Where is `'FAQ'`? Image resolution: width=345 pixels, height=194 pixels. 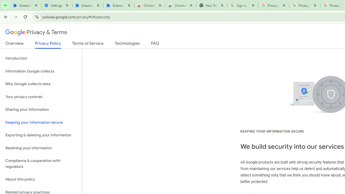
'FAQ' is located at coordinates (155, 44).